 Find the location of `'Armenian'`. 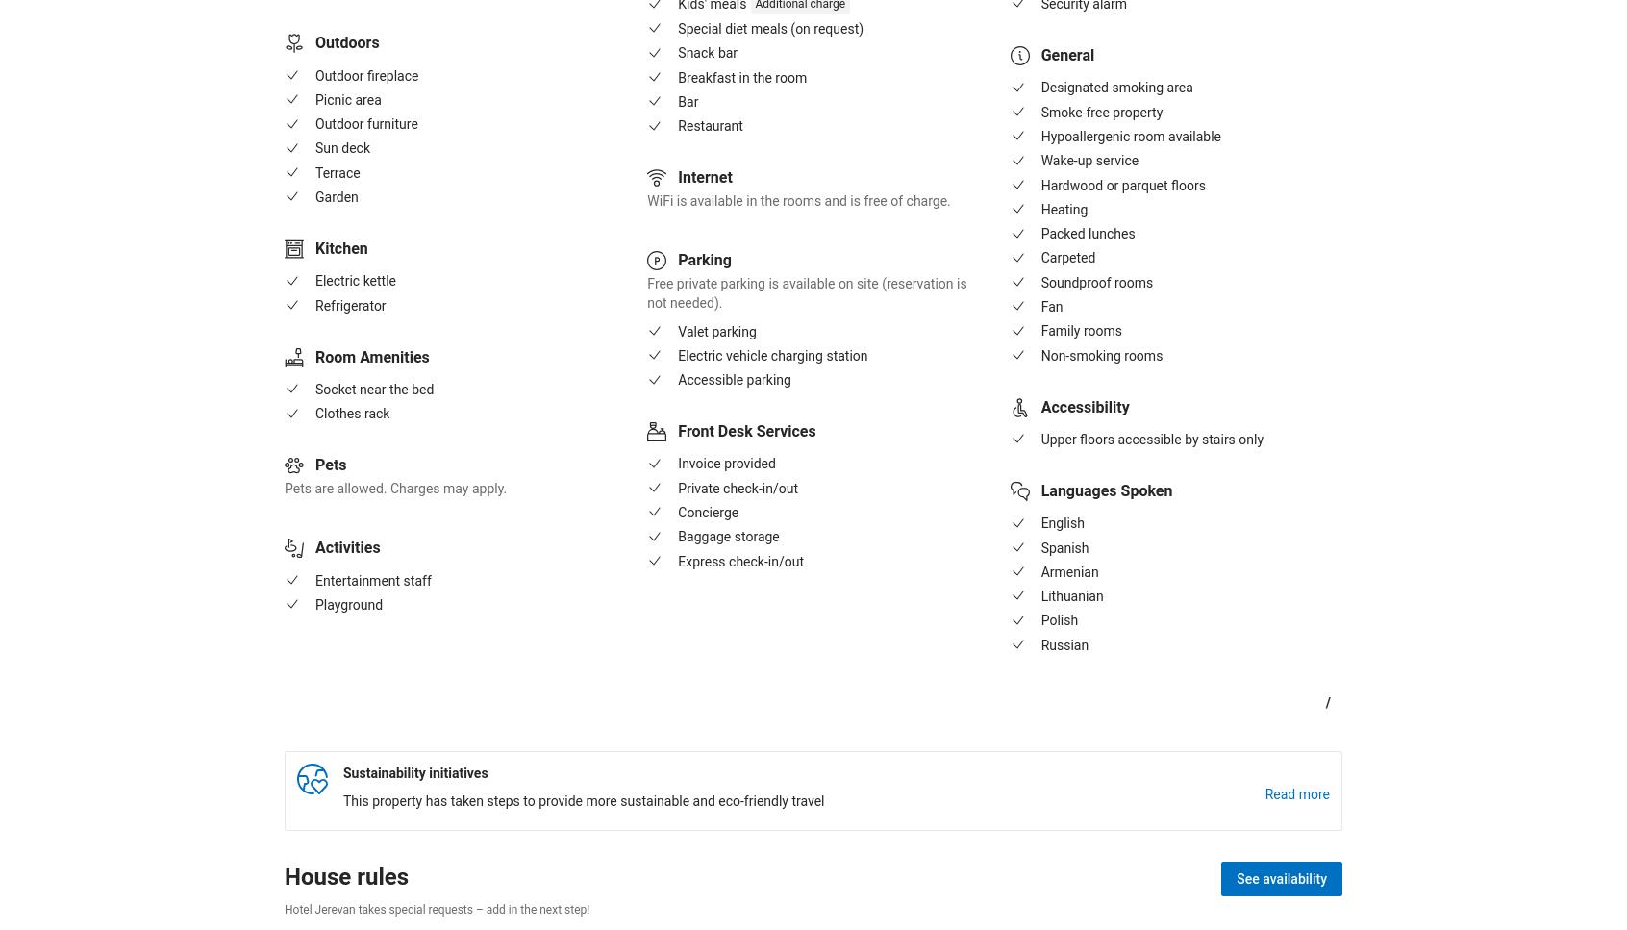

'Armenian' is located at coordinates (1068, 570).